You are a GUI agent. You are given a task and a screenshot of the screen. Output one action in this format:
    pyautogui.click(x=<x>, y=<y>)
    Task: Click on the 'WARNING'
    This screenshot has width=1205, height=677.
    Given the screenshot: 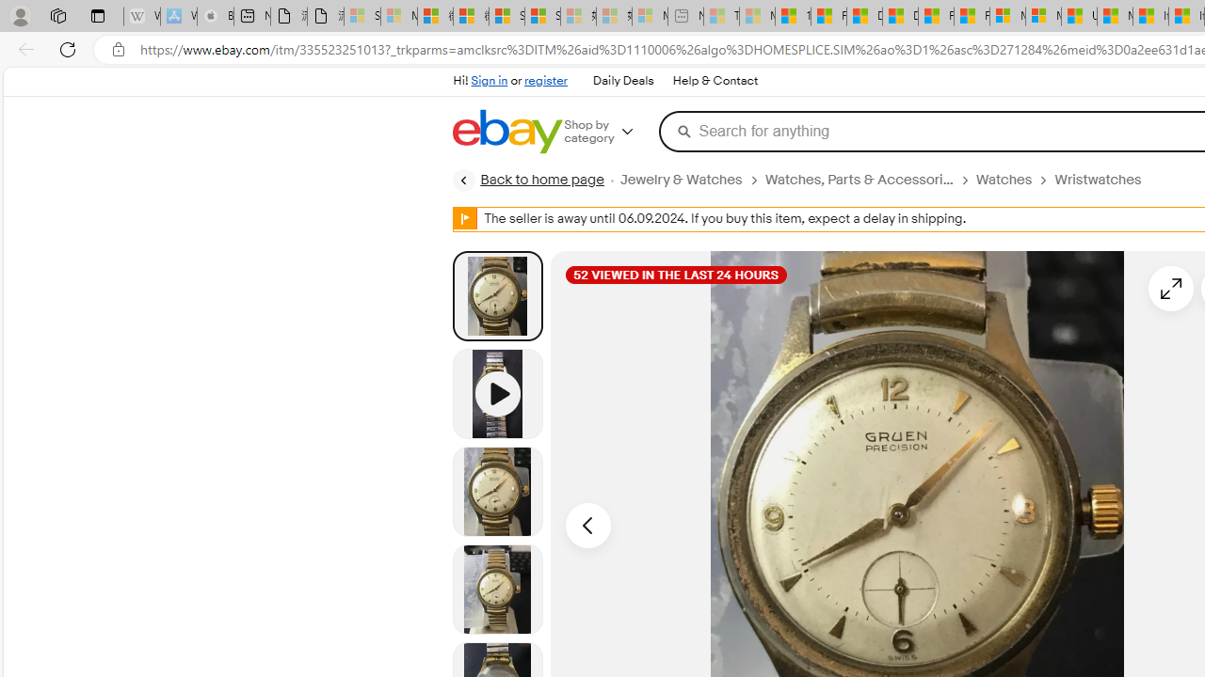 What is the action you would take?
    pyautogui.click(x=465, y=217)
    